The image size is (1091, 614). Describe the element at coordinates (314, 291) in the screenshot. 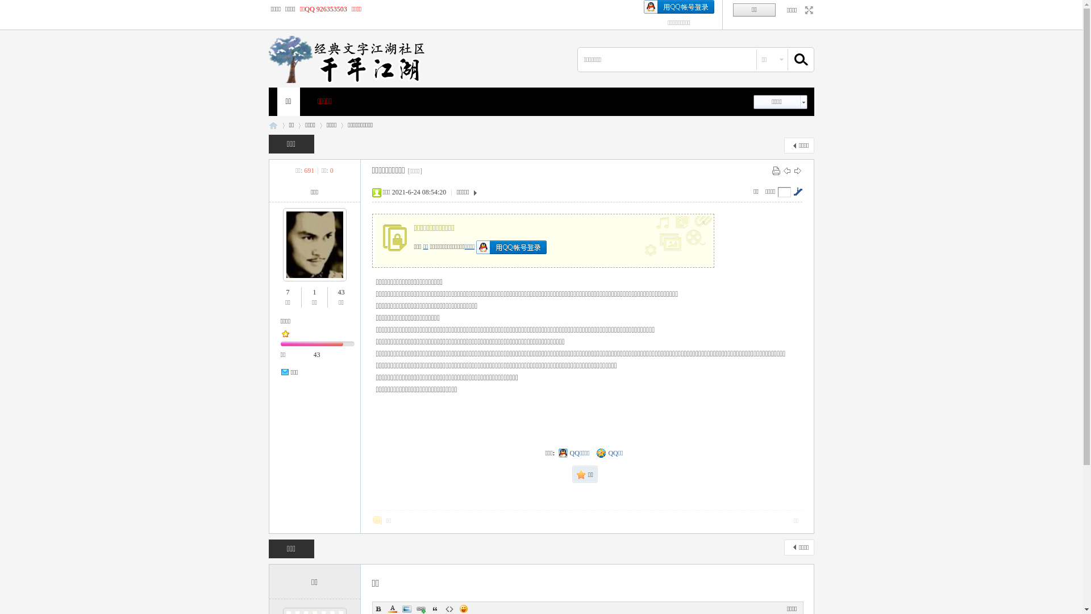

I see `'1'` at that location.